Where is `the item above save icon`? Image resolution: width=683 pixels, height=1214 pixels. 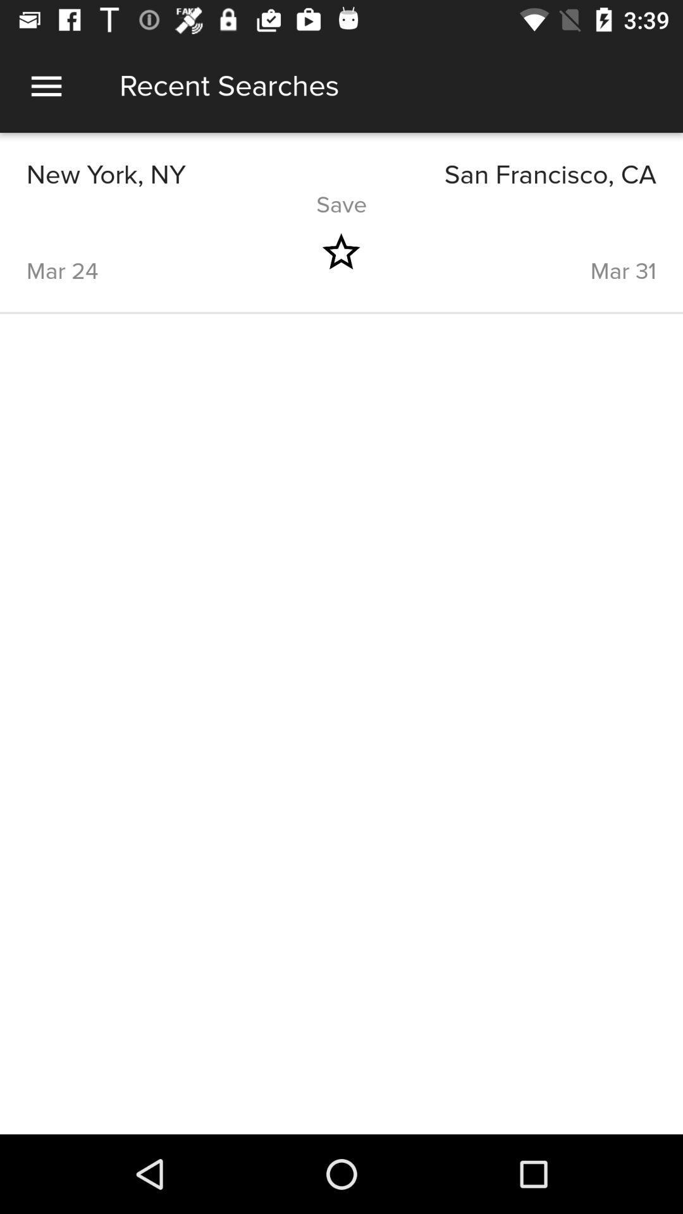 the item above save icon is located at coordinates (498, 175).